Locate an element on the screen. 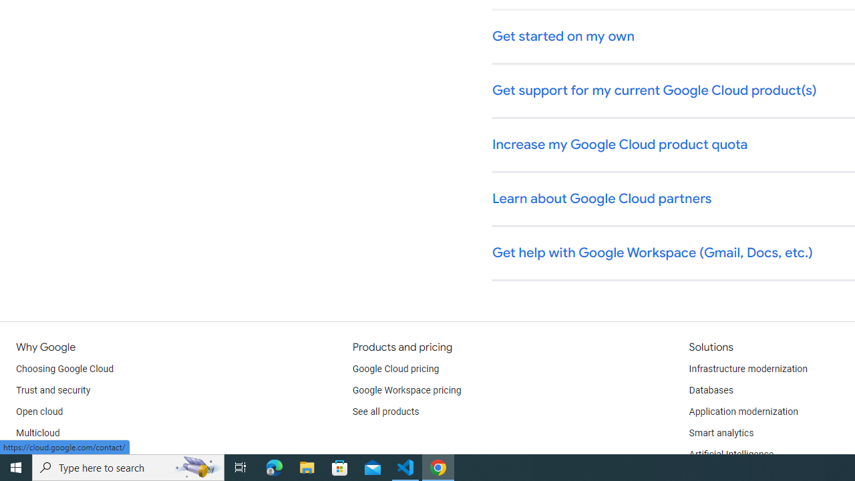 This screenshot has height=481, width=855. 'Global infrastructure' is located at coordinates (58, 454).